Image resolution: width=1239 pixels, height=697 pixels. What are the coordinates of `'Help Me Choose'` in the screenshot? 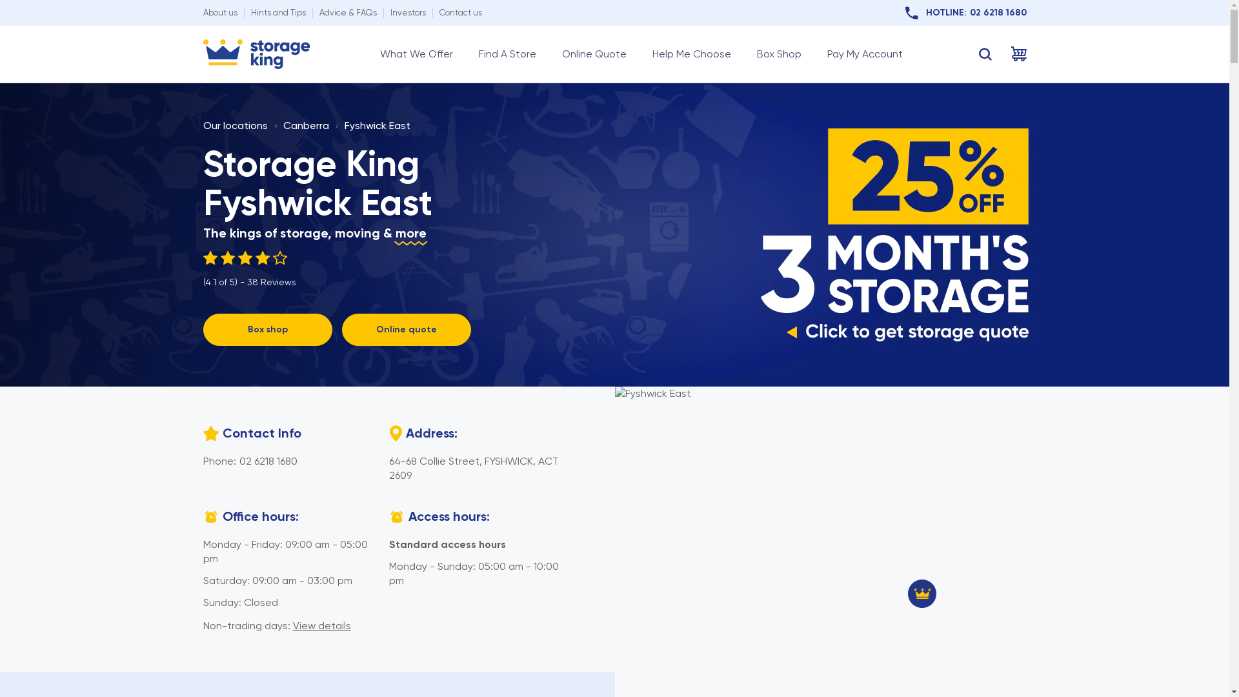 It's located at (690, 54).